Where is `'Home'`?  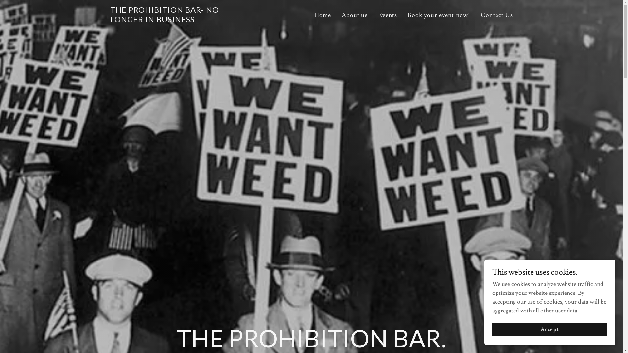
'Home' is located at coordinates (323, 16).